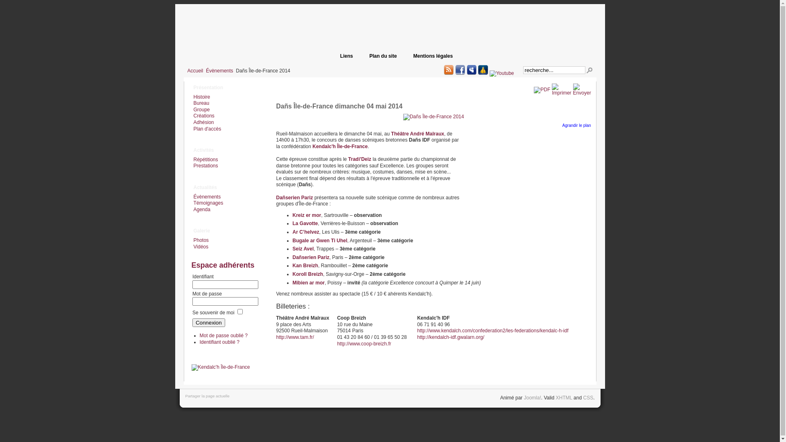 The height and width of the screenshot is (442, 786). I want to click on 'PDF', so click(534, 90).